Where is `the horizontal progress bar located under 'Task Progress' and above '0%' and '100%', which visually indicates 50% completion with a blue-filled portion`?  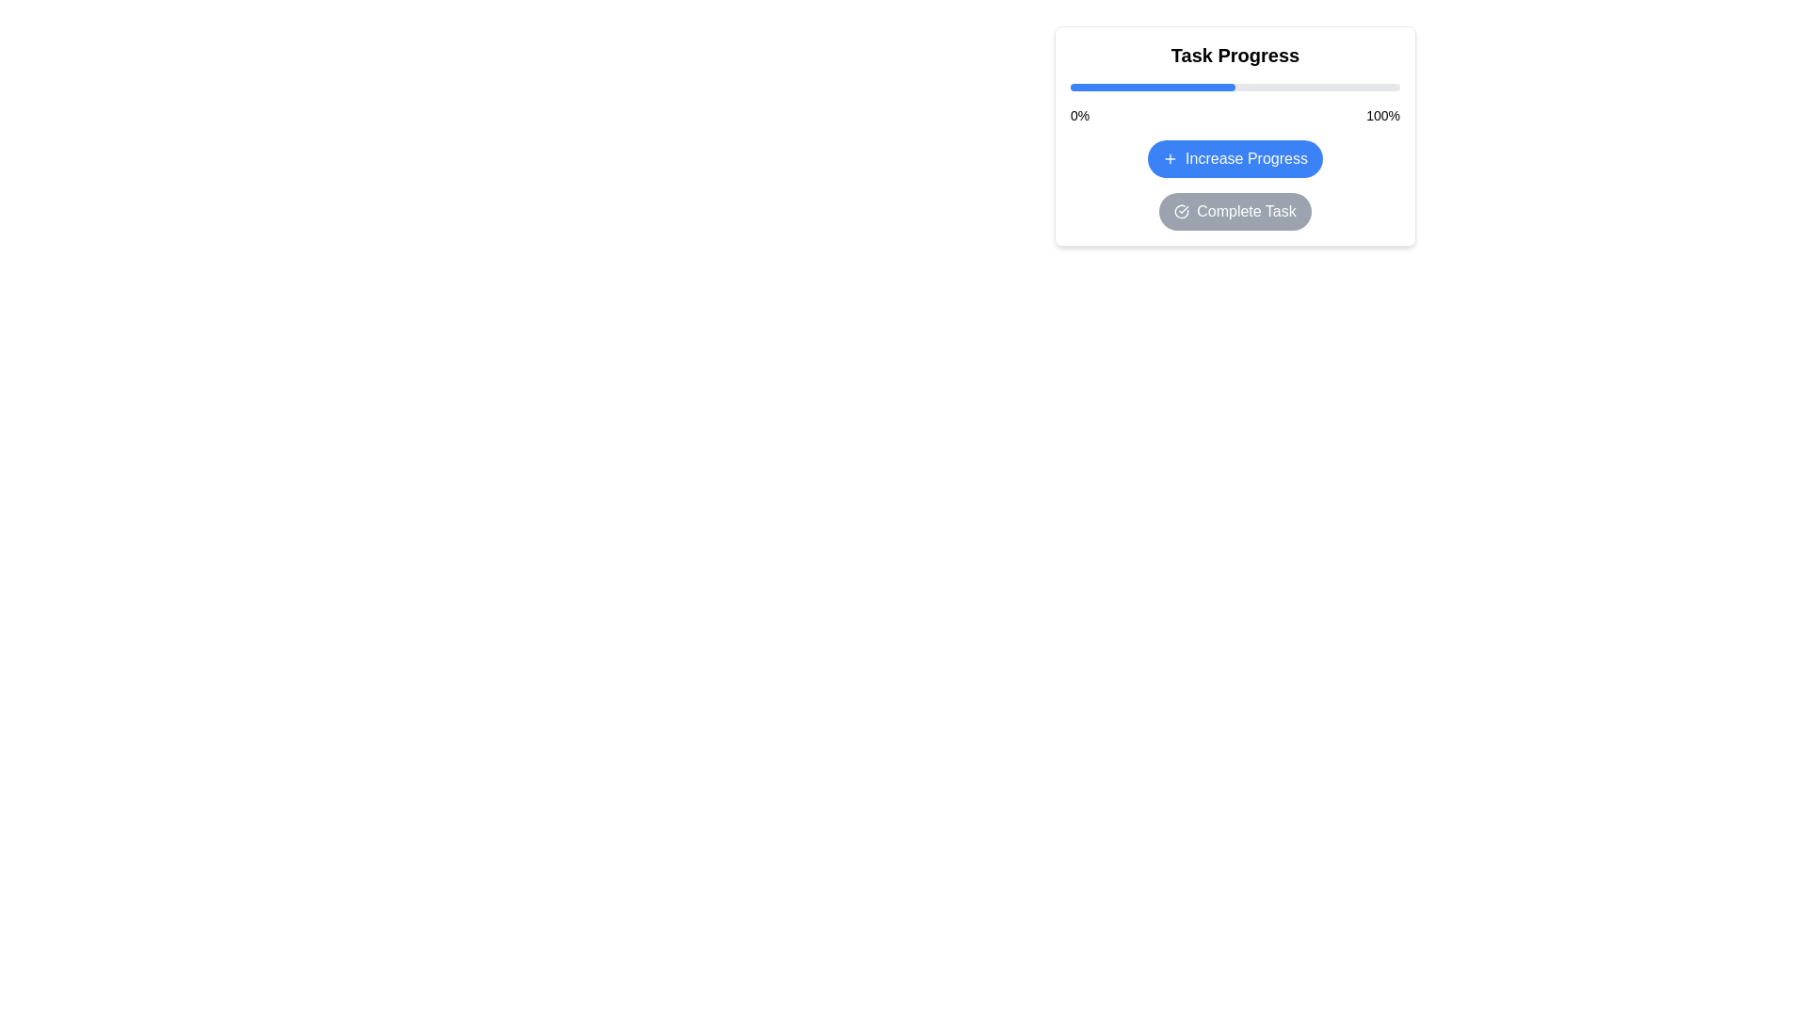
the horizontal progress bar located under 'Task Progress' and above '0%' and '100%', which visually indicates 50% completion with a blue-filled portion is located at coordinates (1235, 87).